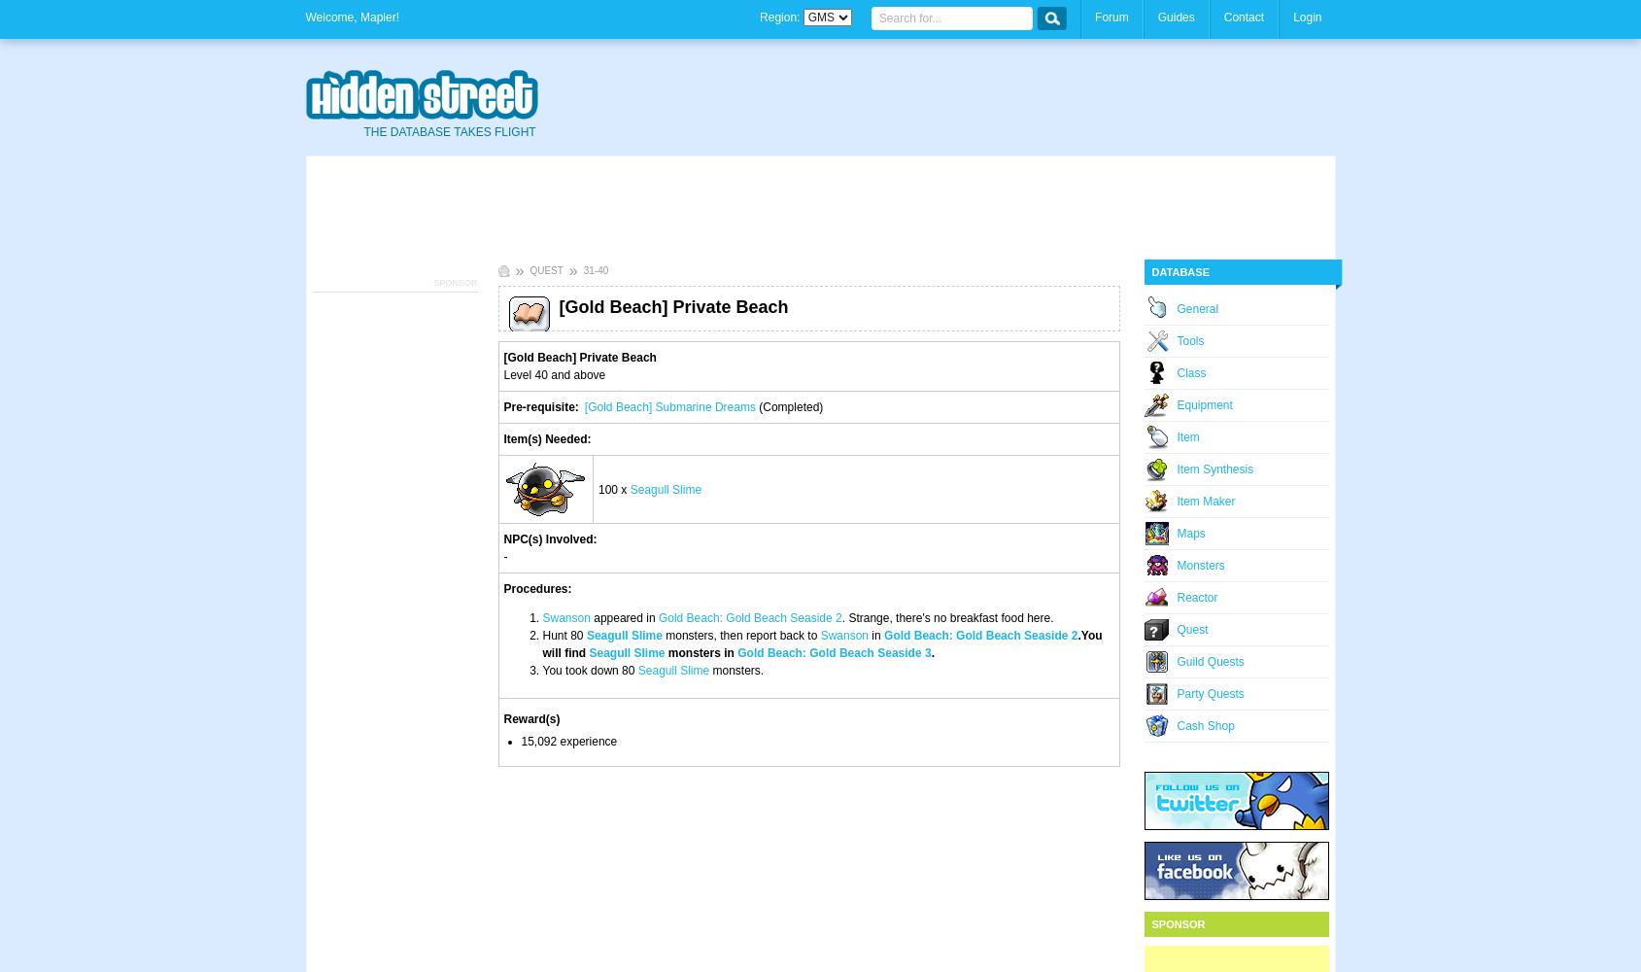 This screenshot has width=1641, height=972. I want to click on 'Level 40 and above', so click(553, 375).